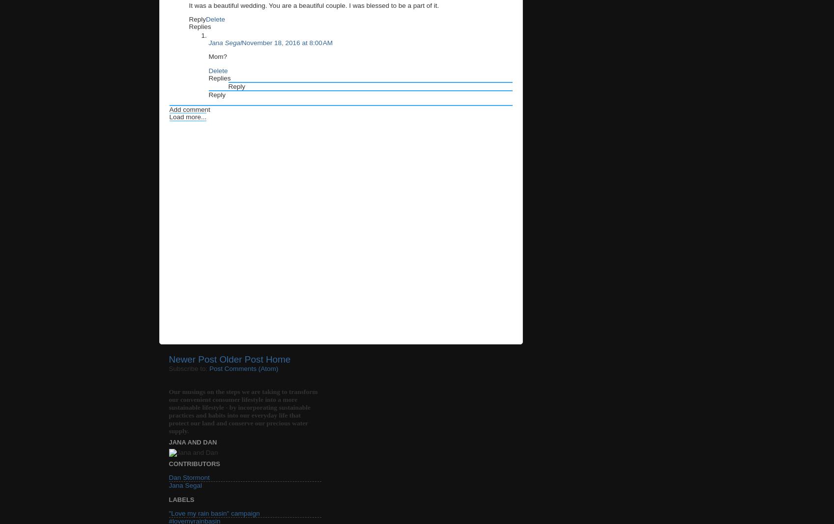 The image size is (834, 524). I want to click on 'Labels', so click(181, 499).